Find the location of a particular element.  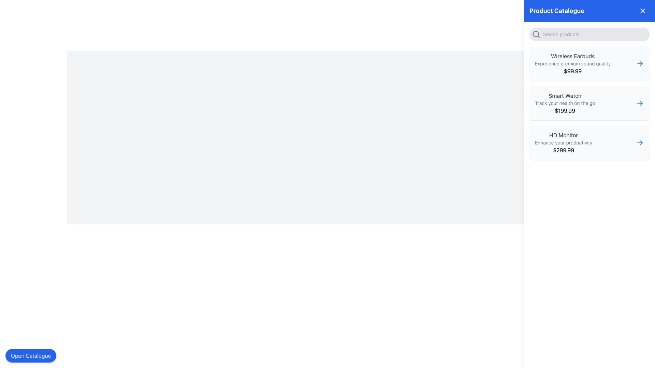

the navigation icon located on the far right side of the 'HD Monitor' product card in the 'Product Catalogue' section is located at coordinates (640, 142).